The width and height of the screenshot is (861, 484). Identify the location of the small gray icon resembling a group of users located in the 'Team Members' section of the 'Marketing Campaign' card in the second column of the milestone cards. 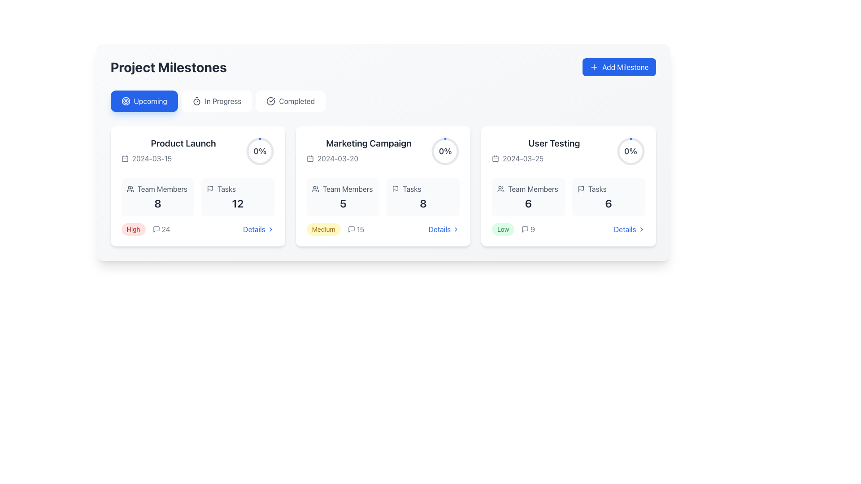
(315, 188).